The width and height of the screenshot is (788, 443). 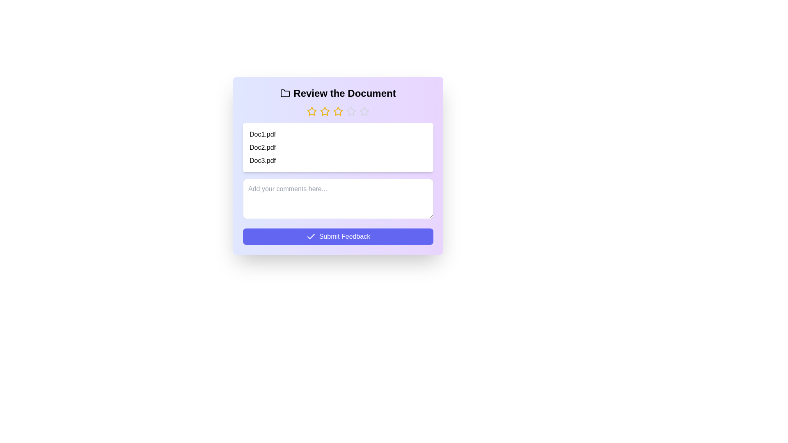 What do you see at coordinates (325, 112) in the screenshot?
I see `the rating to 2 stars by clicking on the corresponding star button` at bounding box center [325, 112].